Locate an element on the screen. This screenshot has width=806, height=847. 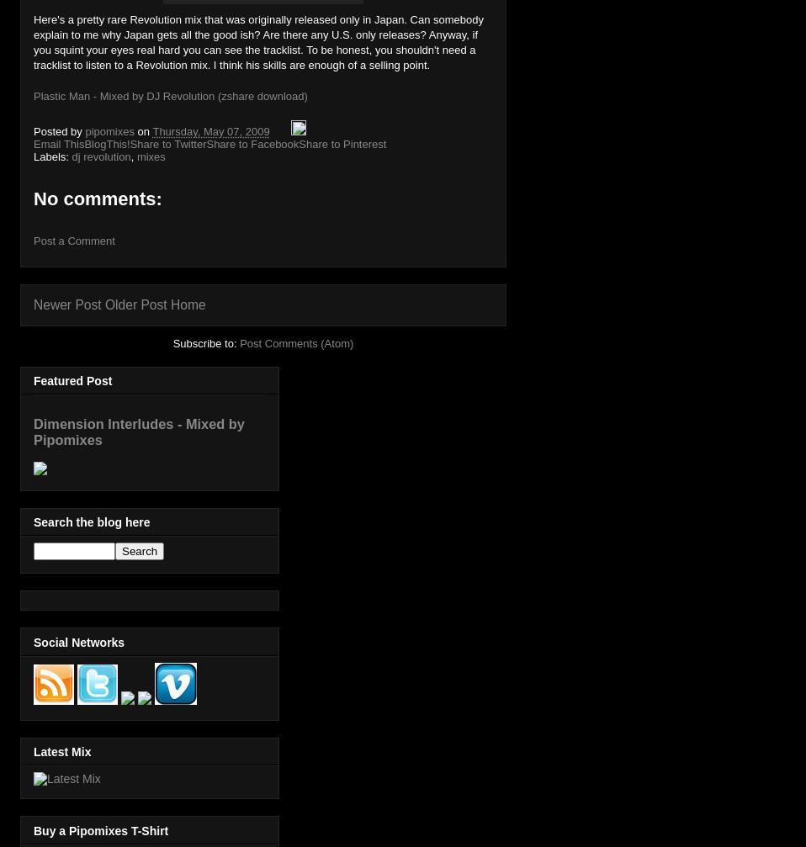
'Post Comments (Atom)' is located at coordinates (295, 342).